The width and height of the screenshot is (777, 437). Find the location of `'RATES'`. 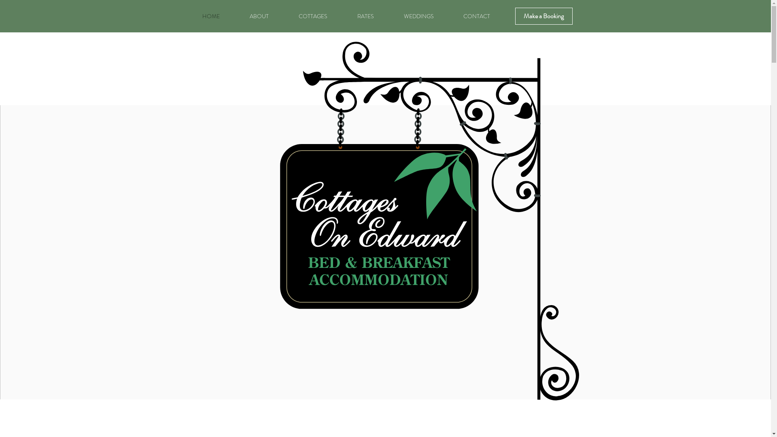

'RATES' is located at coordinates (365, 16).